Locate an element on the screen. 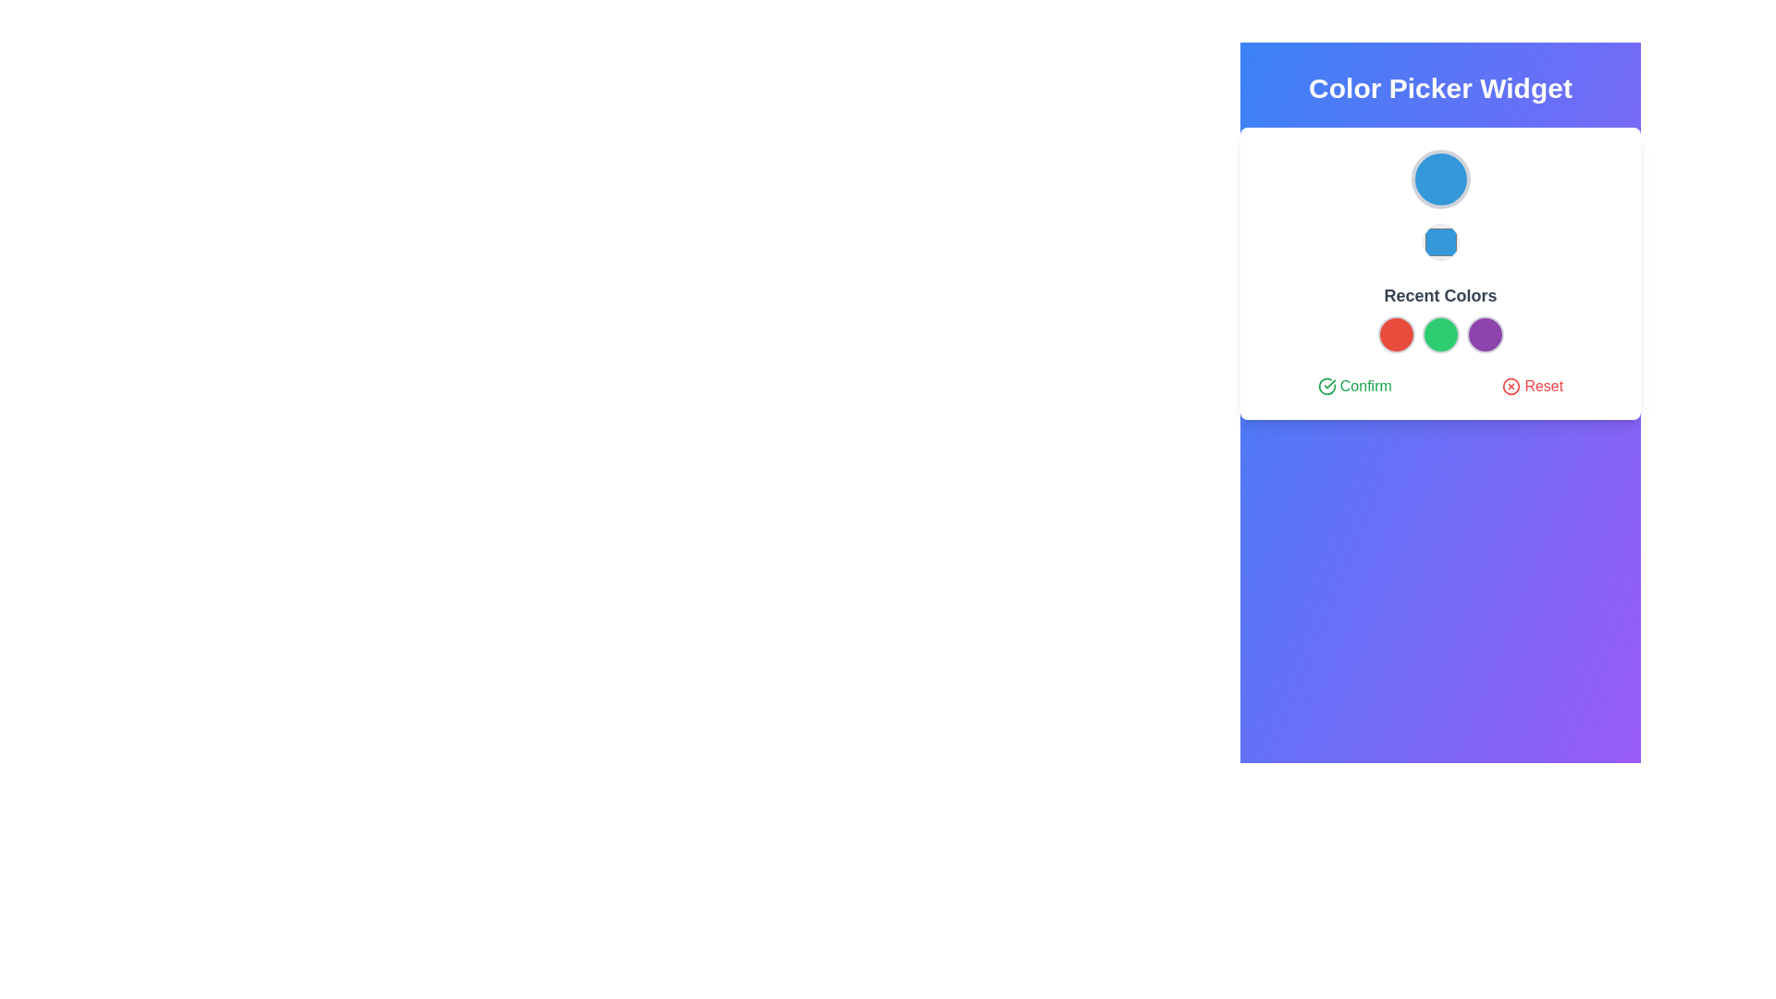 This screenshot has height=999, width=1776. the confirmation icon located in the lower left quadrant of the widget, adjacent to the 'Confirm' text, to indicate success or approval is located at coordinates (1326, 385).